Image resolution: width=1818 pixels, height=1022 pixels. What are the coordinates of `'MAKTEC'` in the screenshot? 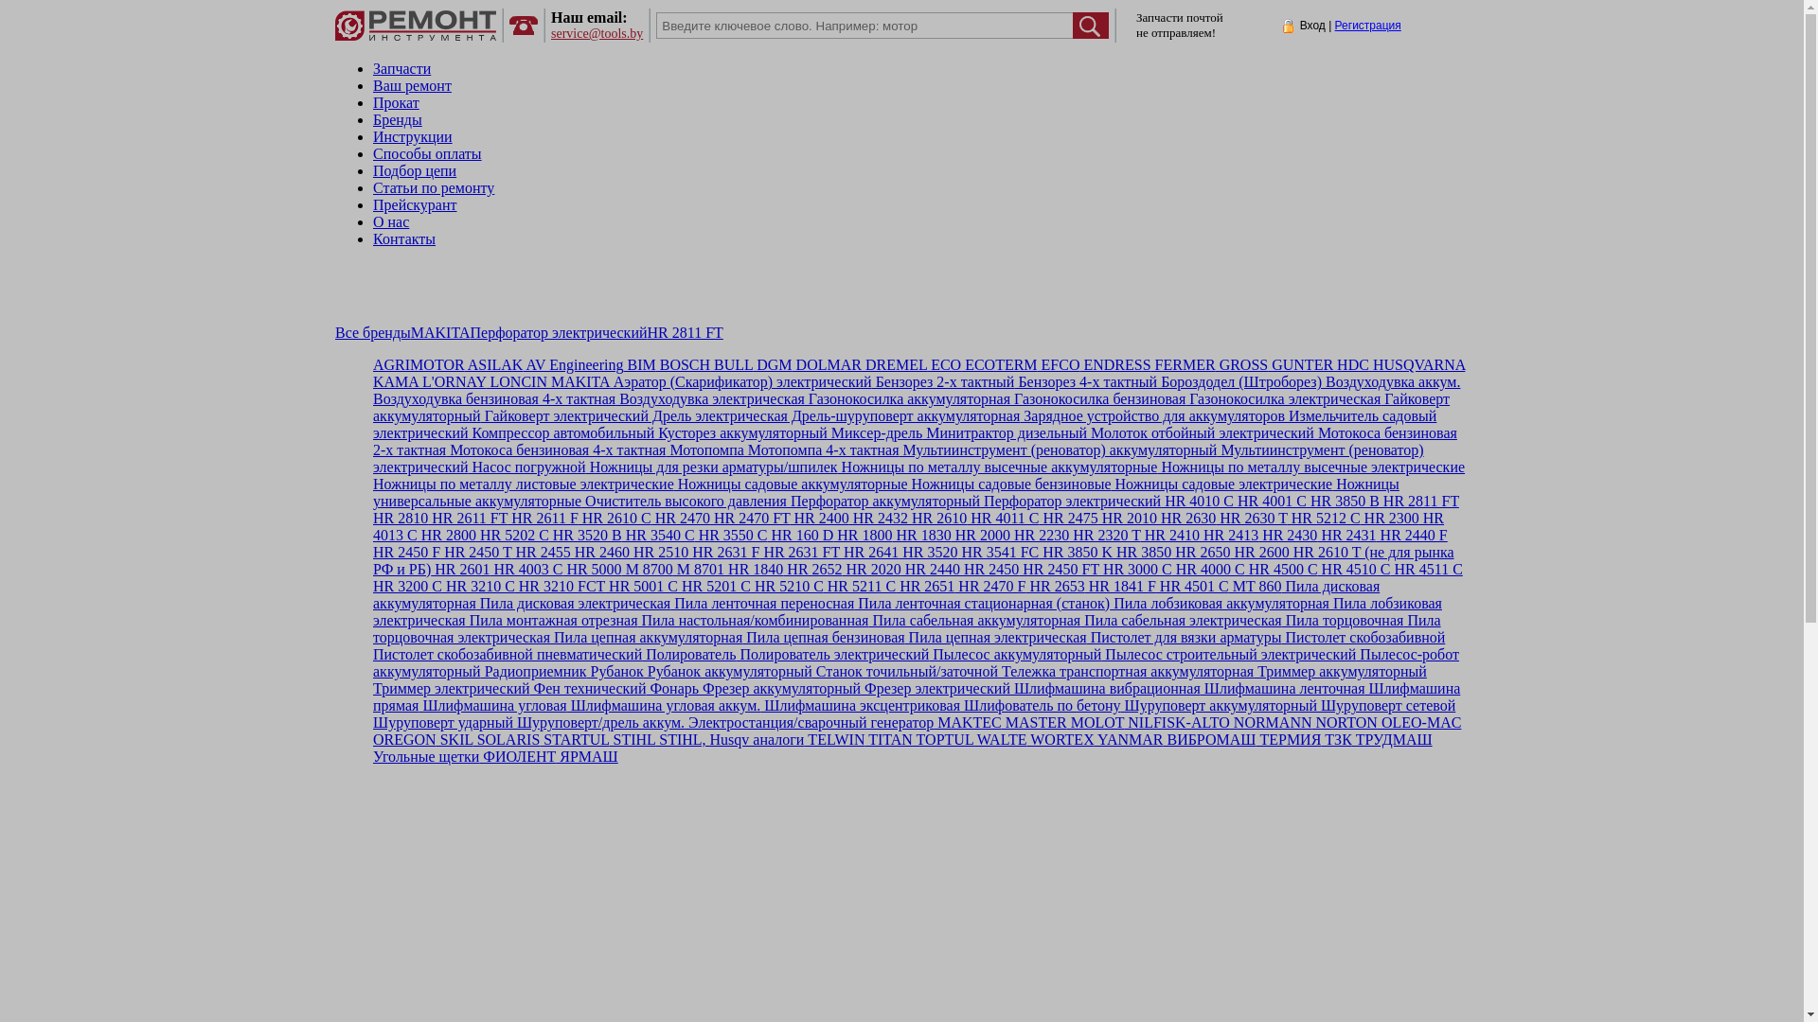 It's located at (933, 722).